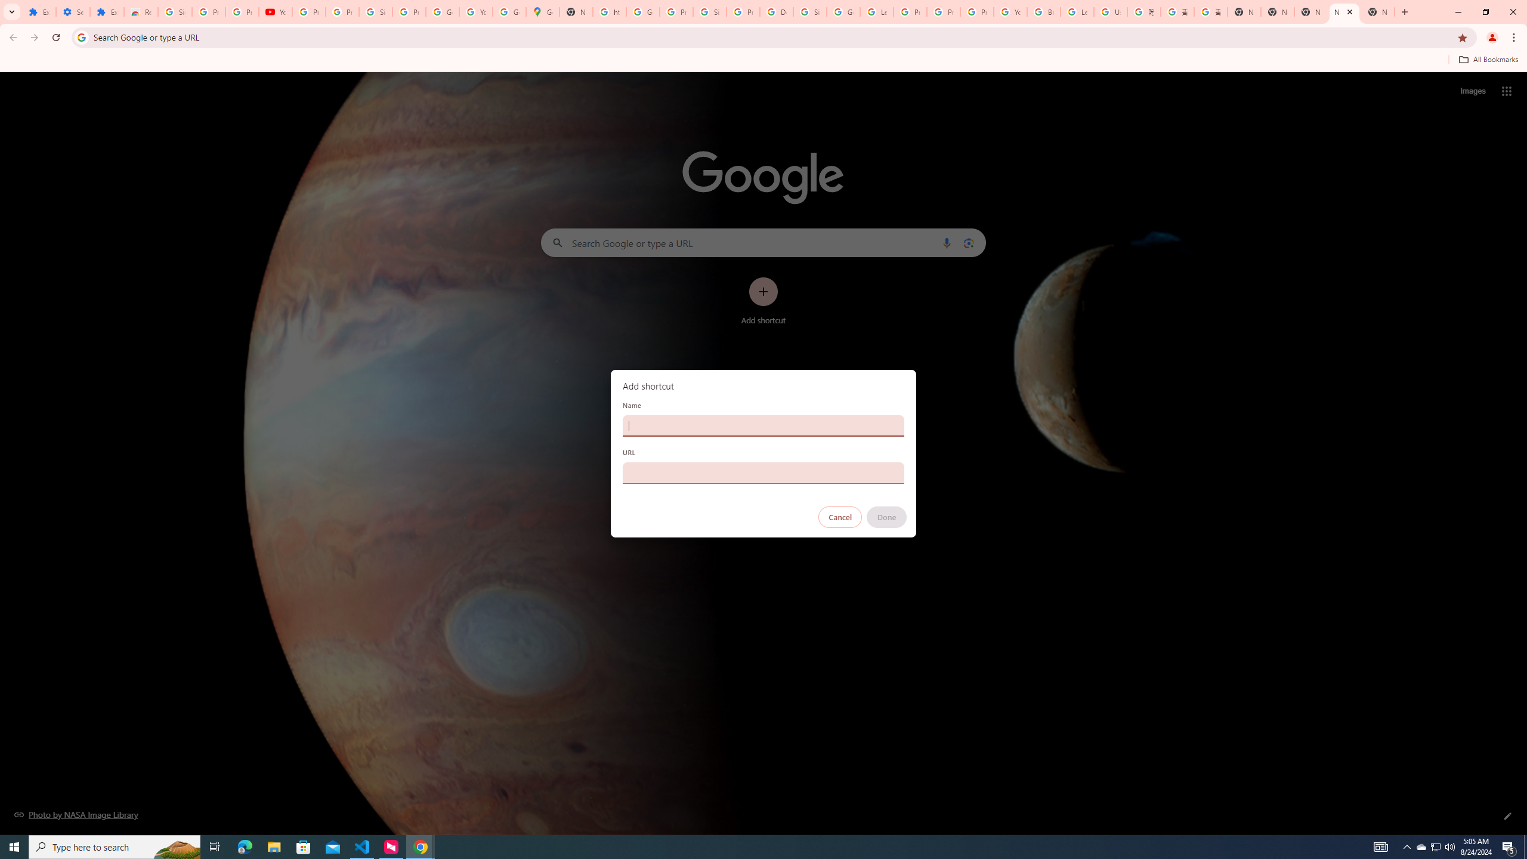 Image resolution: width=1527 pixels, height=859 pixels. I want to click on 'Browse Chrome as a guest - Computer - Google Chrome Help', so click(1043, 11).